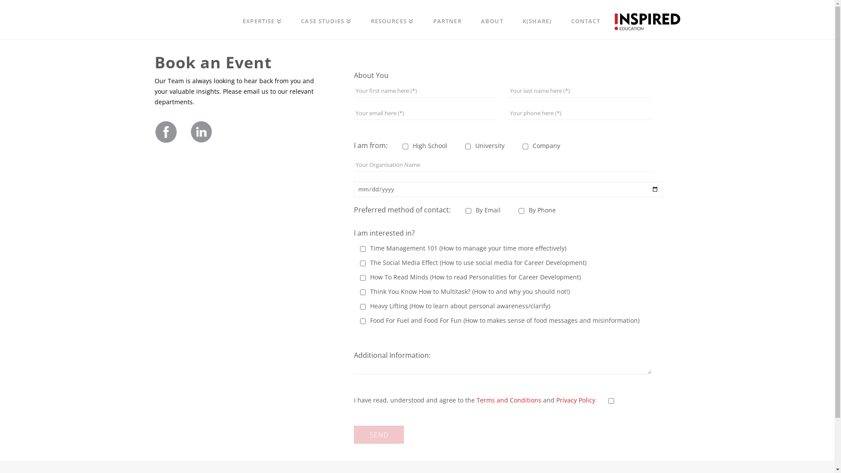  I want to click on 'Terms and Conditions', so click(509, 400).